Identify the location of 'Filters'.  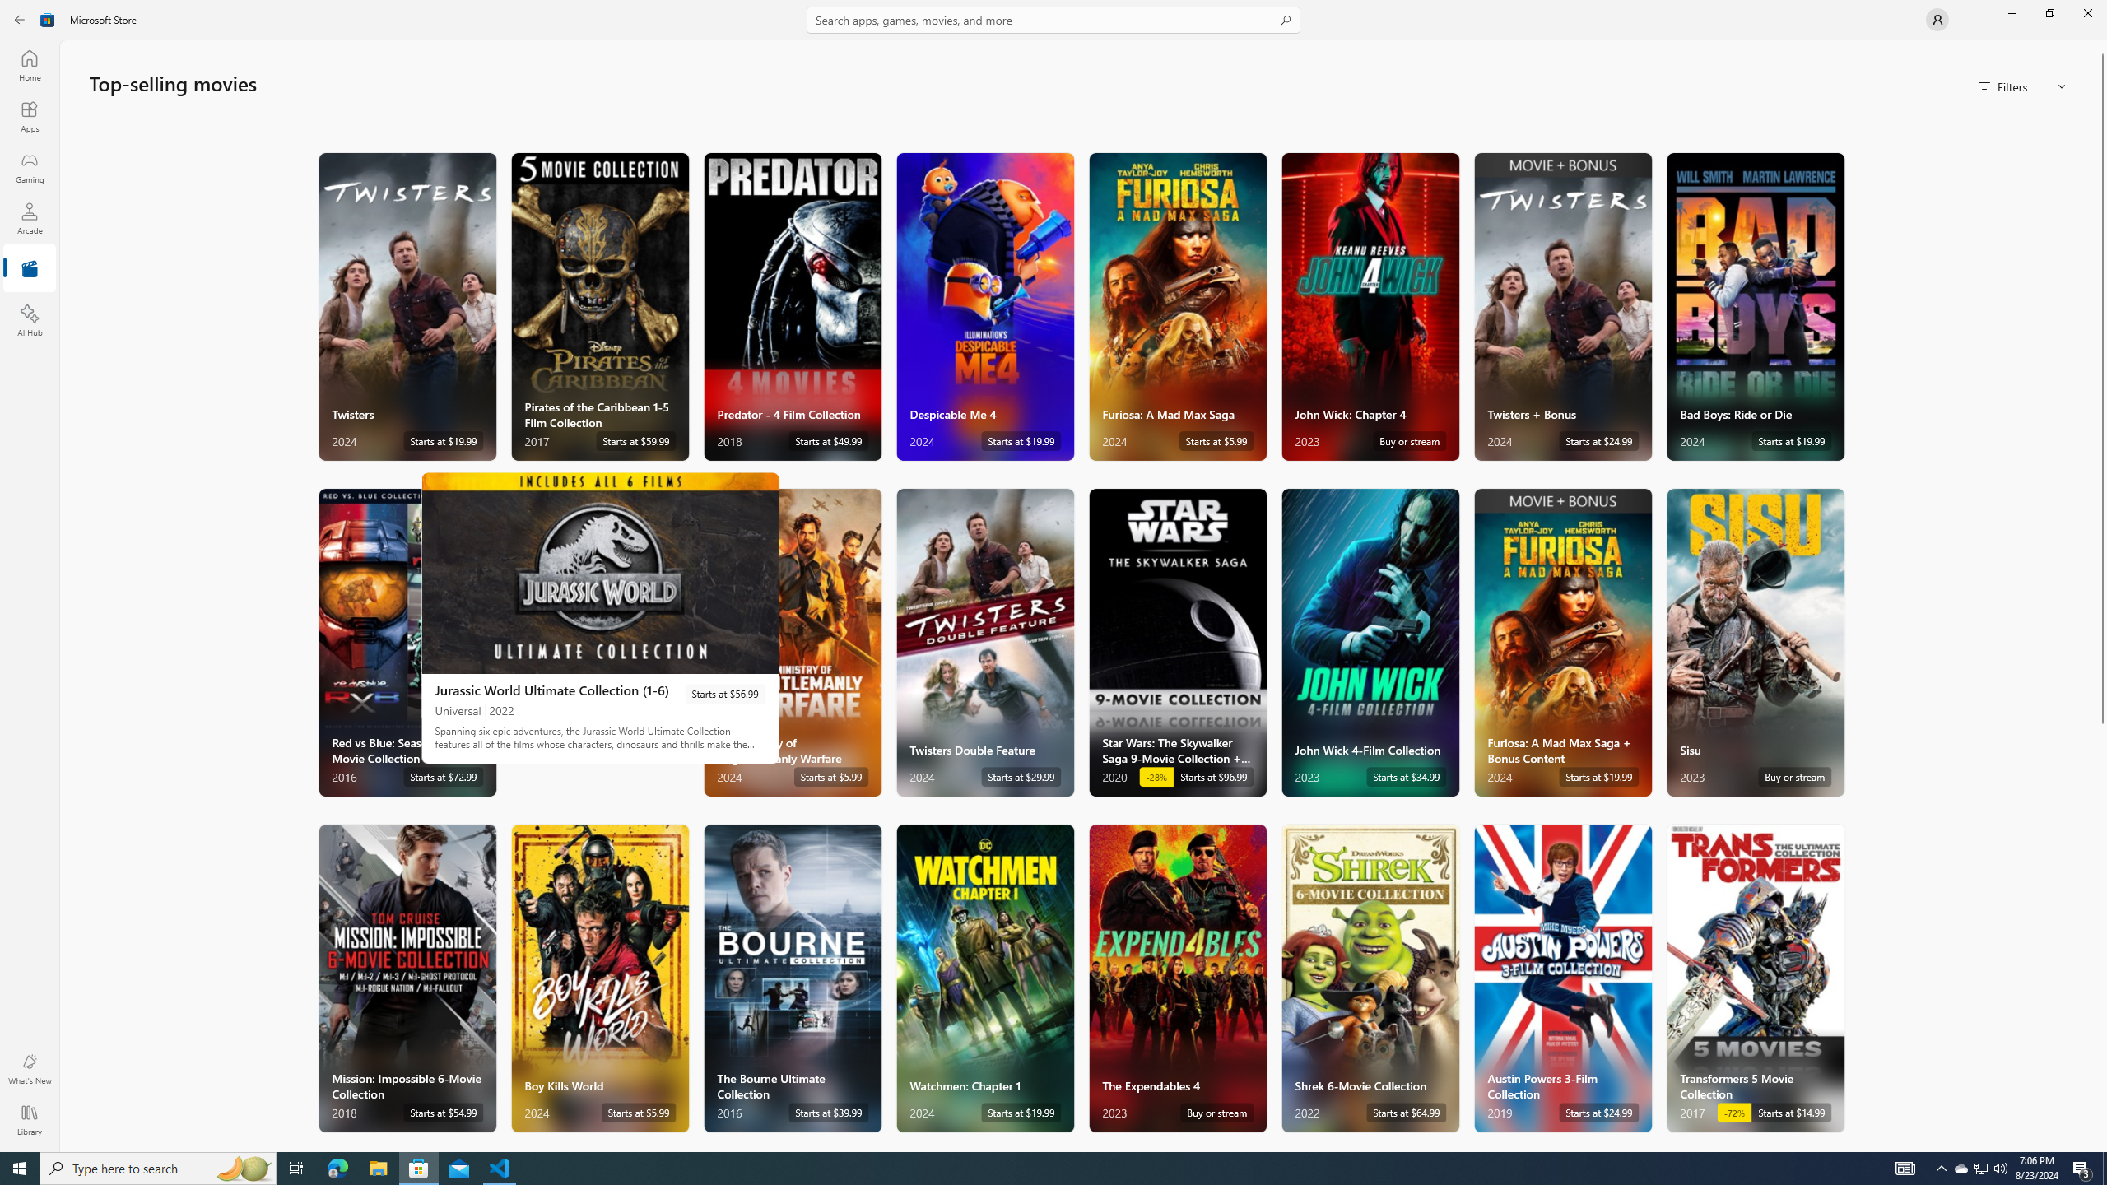
(2022, 86).